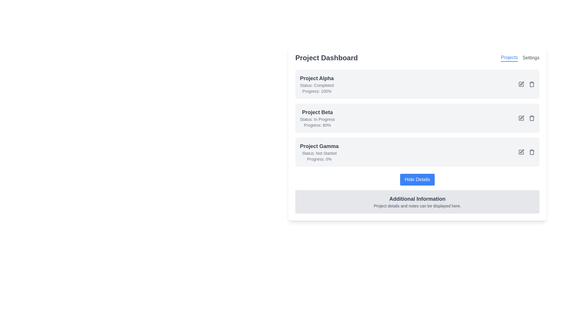 This screenshot has width=562, height=316. What do you see at coordinates (522, 83) in the screenshot?
I see `the edit icon button located at the top-right of the first project card to initiate editing` at bounding box center [522, 83].